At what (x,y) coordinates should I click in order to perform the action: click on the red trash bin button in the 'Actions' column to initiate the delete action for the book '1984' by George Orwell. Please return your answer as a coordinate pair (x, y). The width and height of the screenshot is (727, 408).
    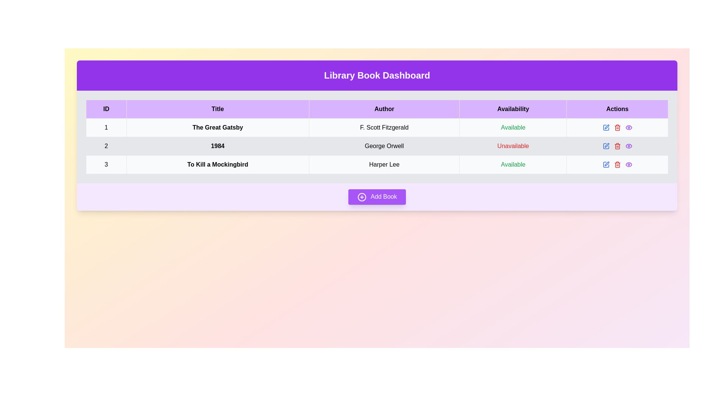
    Looking at the image, I should click on (617, 127).